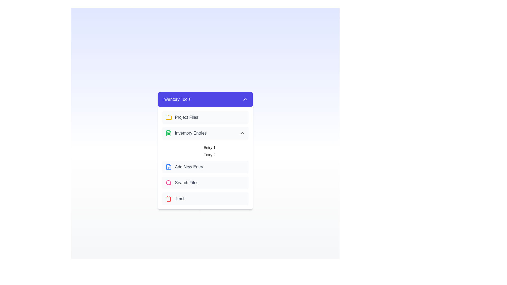 The height and width of the screenshot is (285, 507). Describe the element at coordinates (168, 167) in the screenshot. I see `the 'Add New Entry' icon located to the left of the text label in the side menu` at that location.